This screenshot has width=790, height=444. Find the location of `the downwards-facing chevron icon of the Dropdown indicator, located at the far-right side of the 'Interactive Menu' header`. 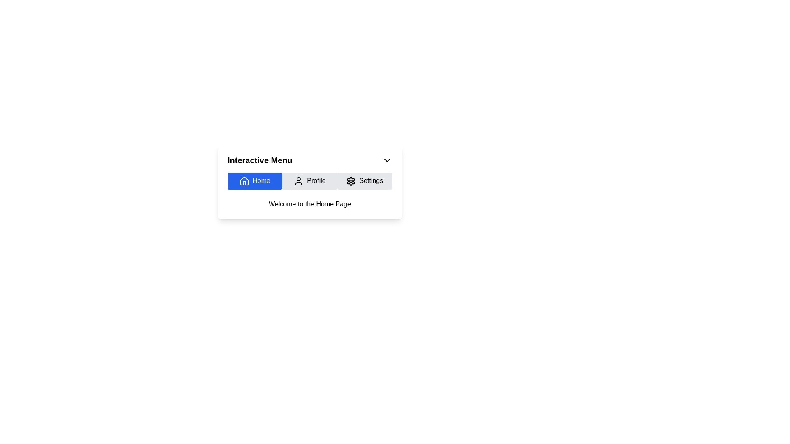

the downwards-facing chevron icon of the Dropdown indicator, located at the far-right side of the 'Interactive Menu' header is located at coordinates (386, 160).